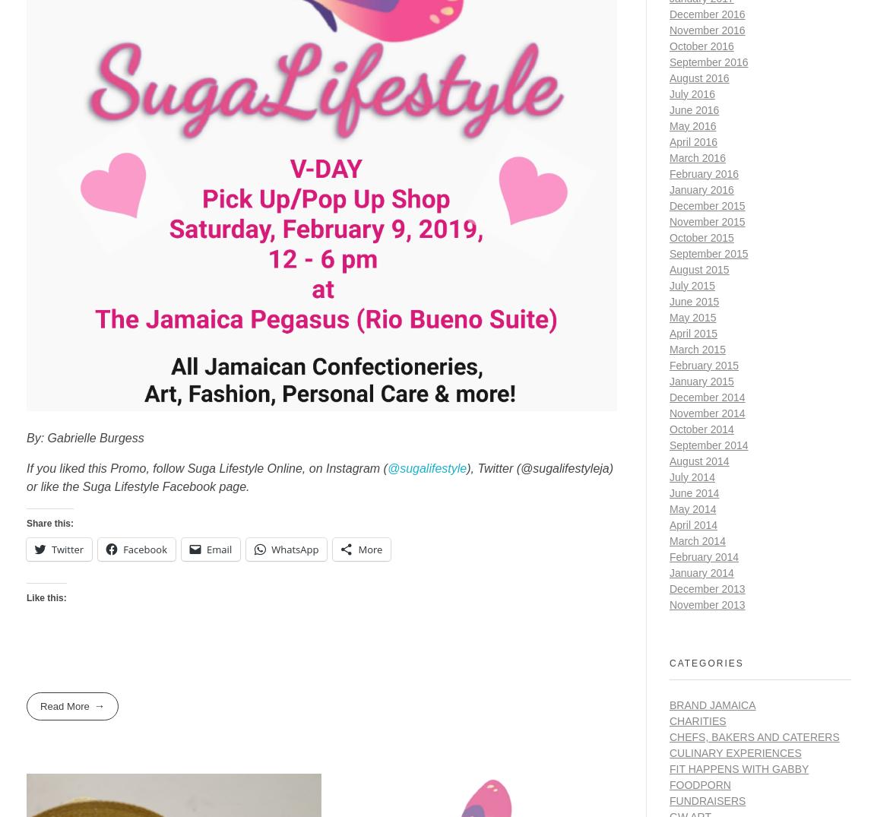  I want to click on 'Categories', so click(706, 663).